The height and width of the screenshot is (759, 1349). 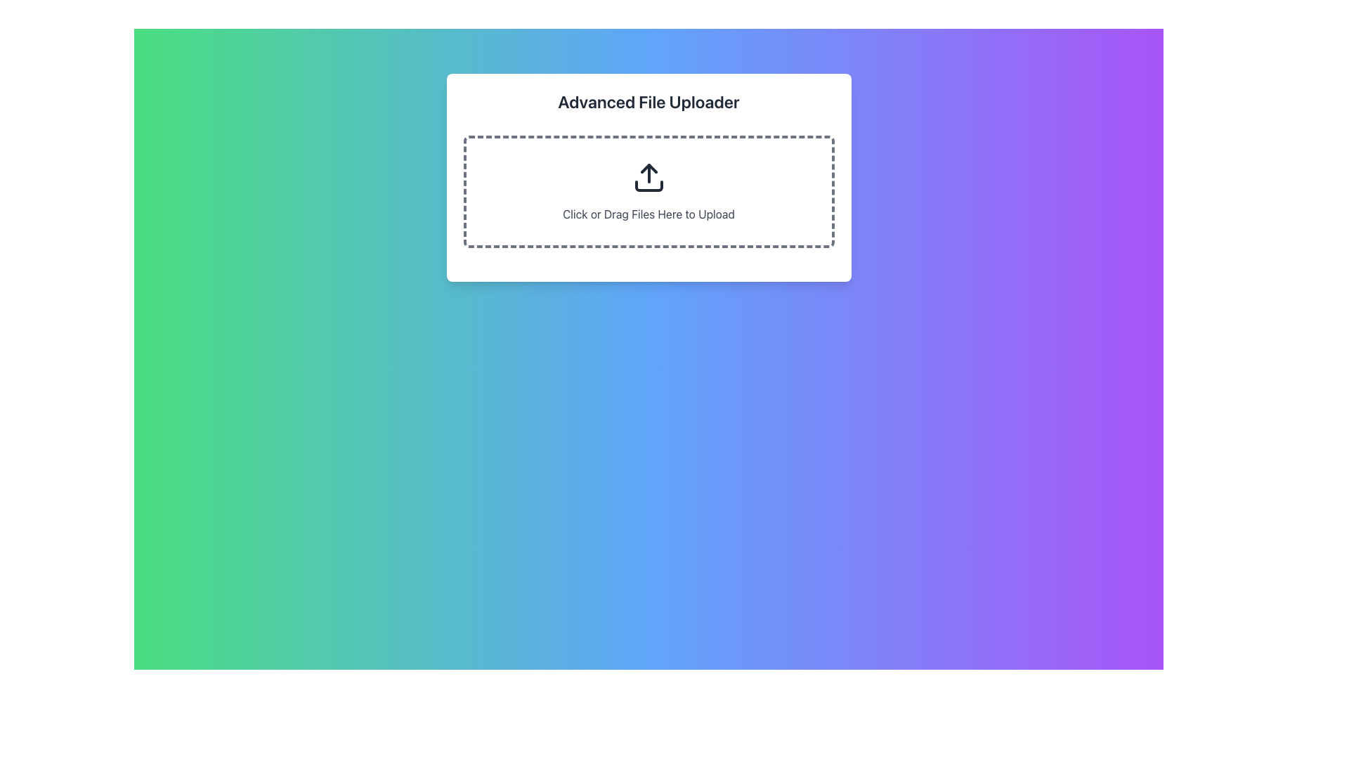 What do you see at coordinates (648, 101) in the screenshot?
I see `the informational text label that introduces the file upload section, located above the dashed upload area` at bounding box center [648, 101].